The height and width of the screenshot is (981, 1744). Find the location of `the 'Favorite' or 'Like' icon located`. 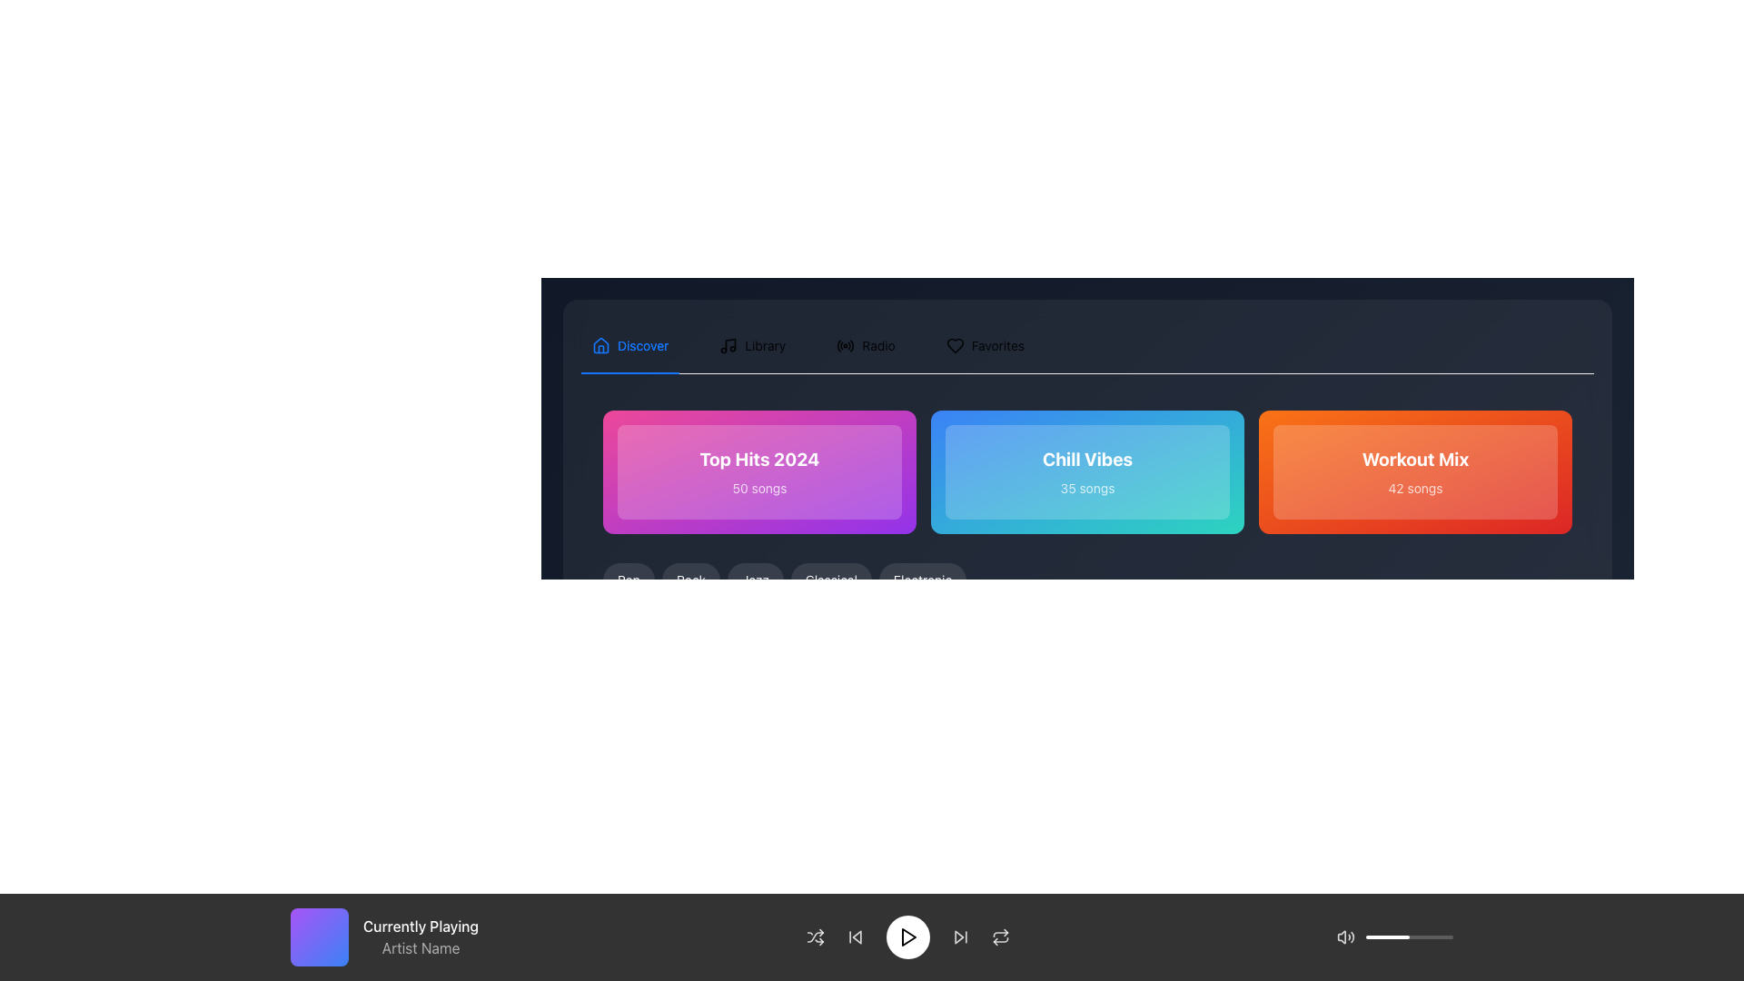

the 'Favorite' or 'Like' icon located is located at coordinates (954, 346).